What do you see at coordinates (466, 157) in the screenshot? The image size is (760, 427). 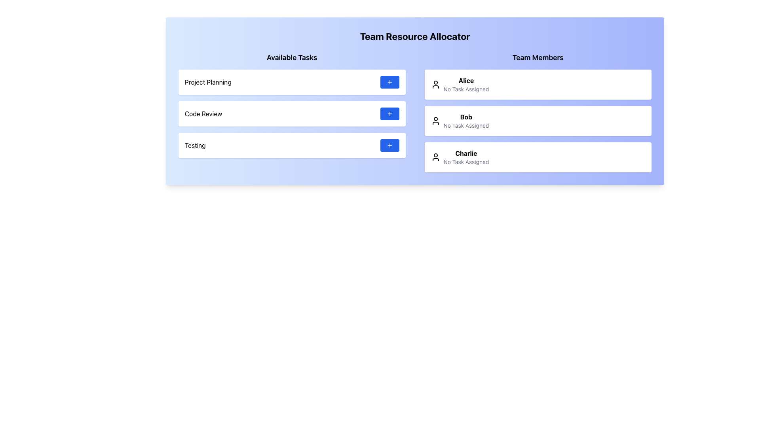 I see `label indicating the task status of the team member in the third row of the Team Members section, located next to the user icon` at bounding box center [466, 157].